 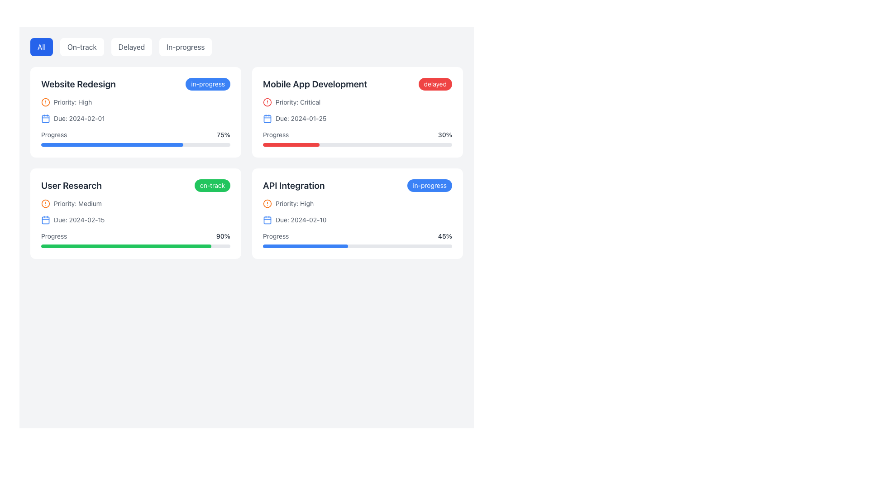 What do you see at coordinates (298, 102) in the screenshot?
I see `the 'Priority: Critical' label, which is styled in gray and located within the 'Mobile App Development' project card, positioned below the project title and next to a red alert icon` at bounding box center [298, 102].